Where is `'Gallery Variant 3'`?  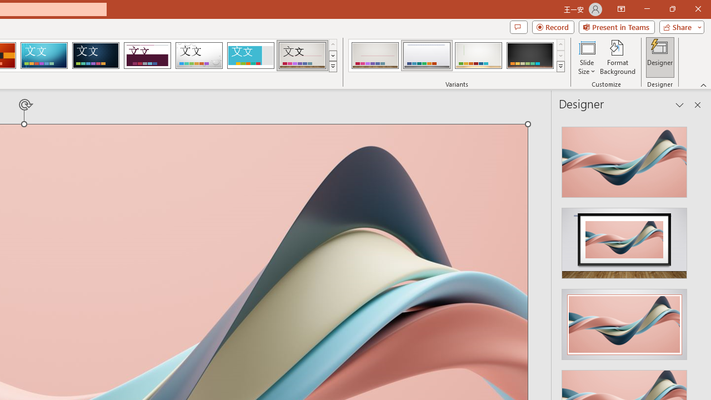
'Gallery Variant 3' is located at coordinates (478, 56).